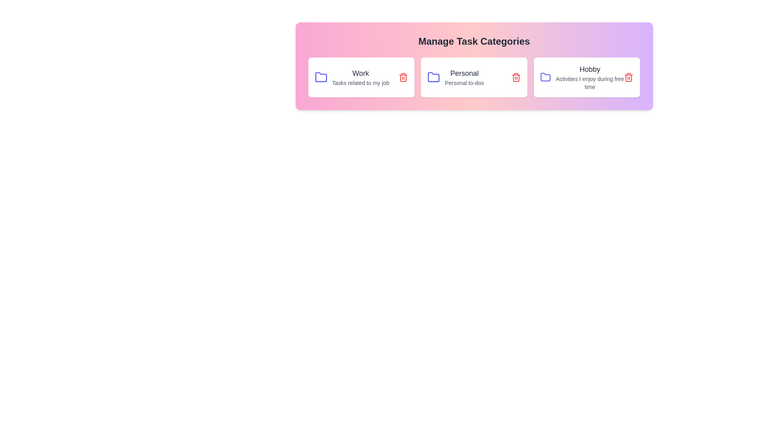 Image resolution: width=766 pixels, height=431 pixels. I want to click on the folder icon associated with the category Personal, so click(433, 77).